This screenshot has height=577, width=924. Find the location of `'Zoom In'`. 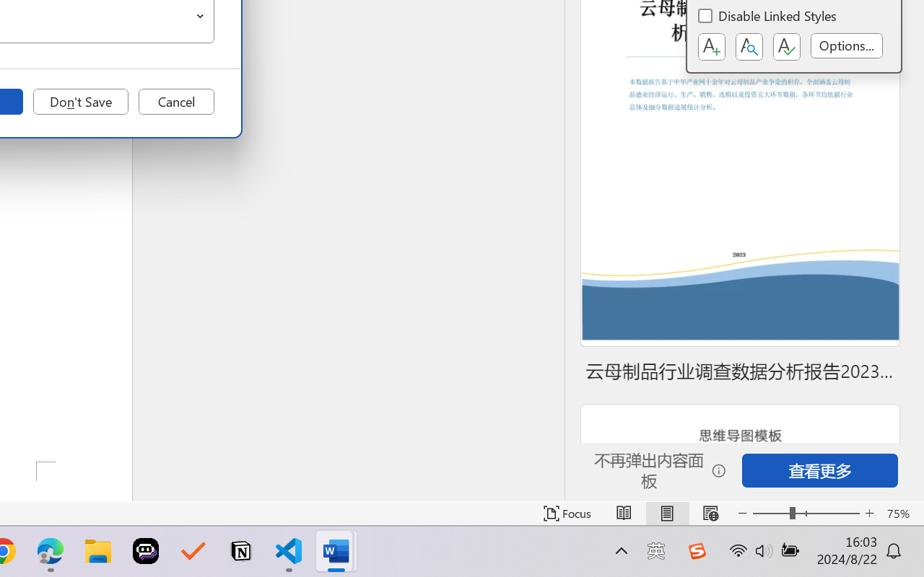

'Zoom In' is located at coordinates (869, 513).